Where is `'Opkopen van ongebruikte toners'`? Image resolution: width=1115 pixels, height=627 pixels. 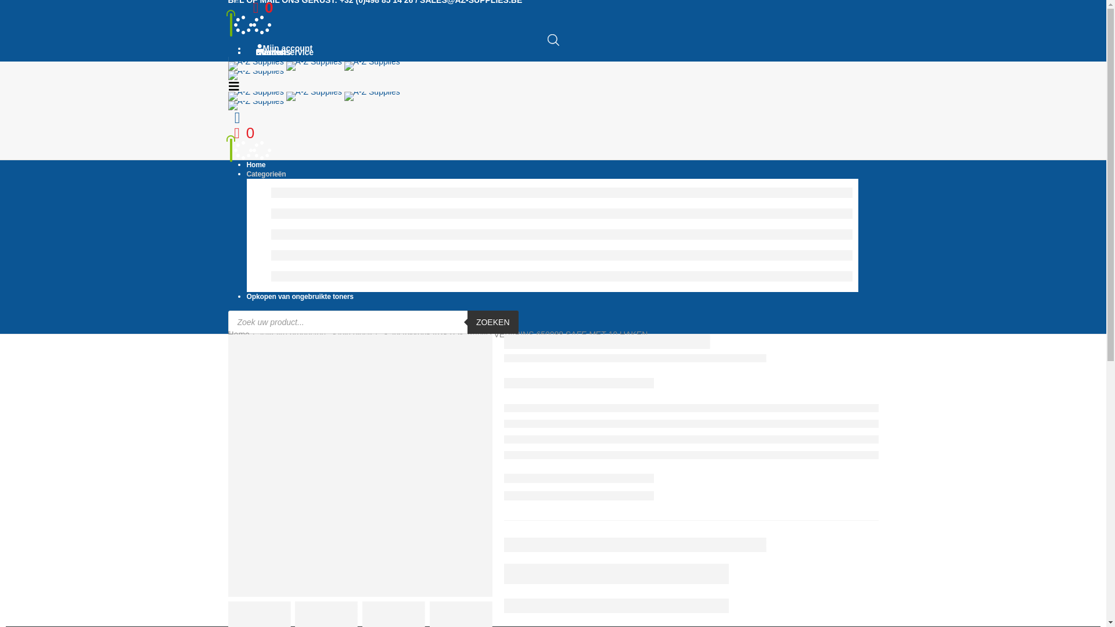 'Opkopen van ongebruikte toners' is located at coordinates (299, 296).